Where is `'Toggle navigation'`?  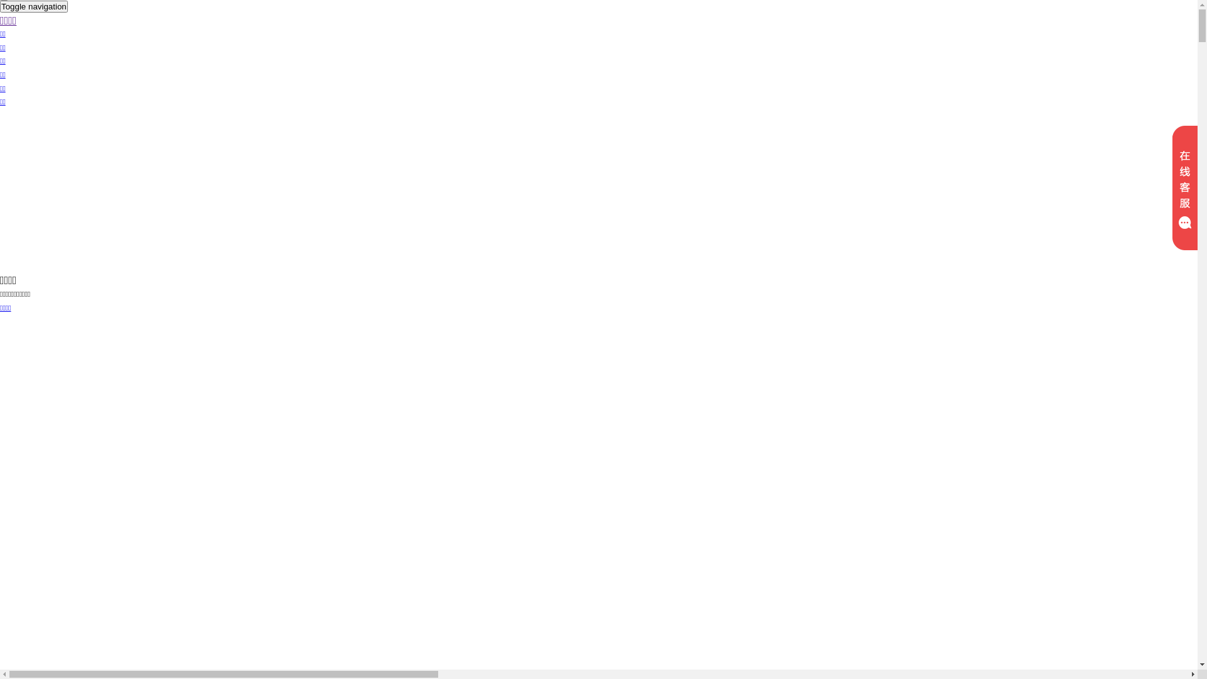 'Toggle navigation' is located at coordinates (0, 6).